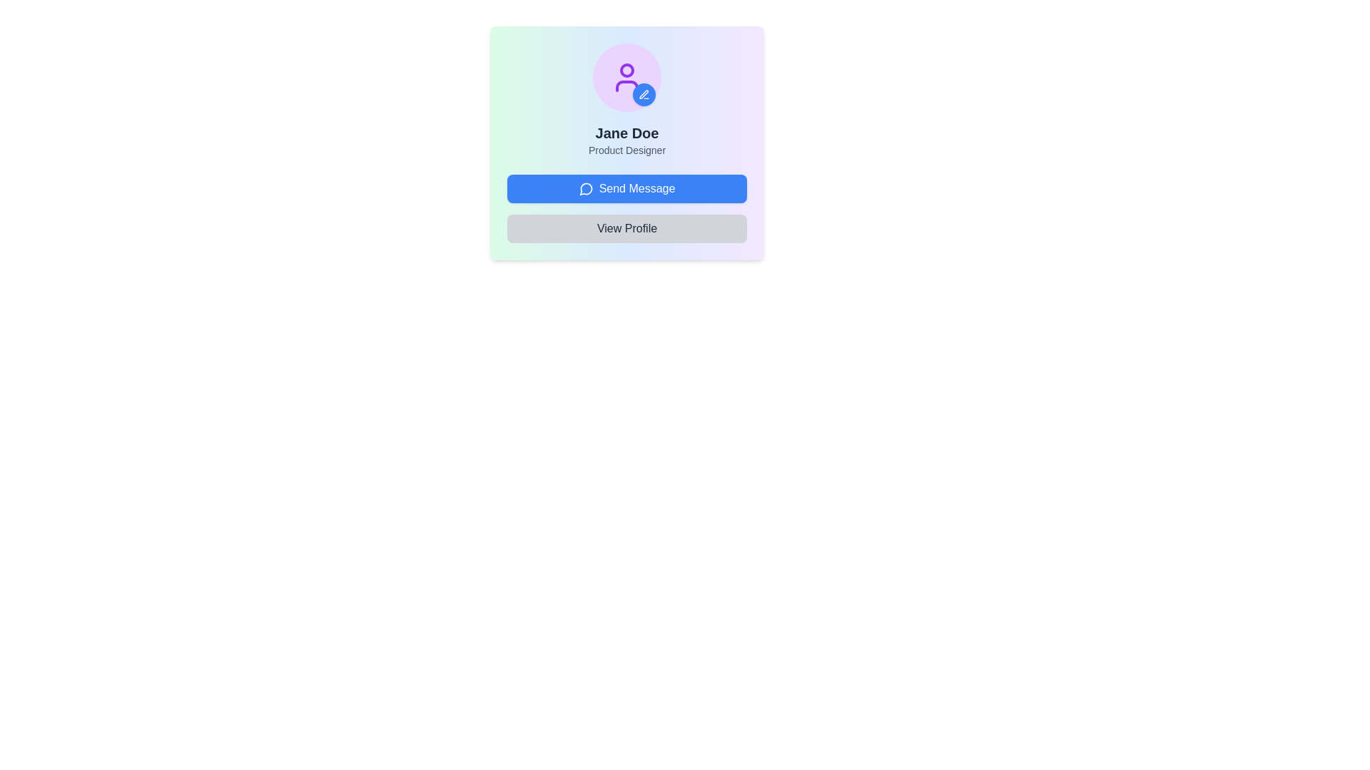 Image resolution: width=1370 pixels, height=770 pixels. I want to click on the speech bubble icon located within the 'Send Message' button, so click(586, 188).